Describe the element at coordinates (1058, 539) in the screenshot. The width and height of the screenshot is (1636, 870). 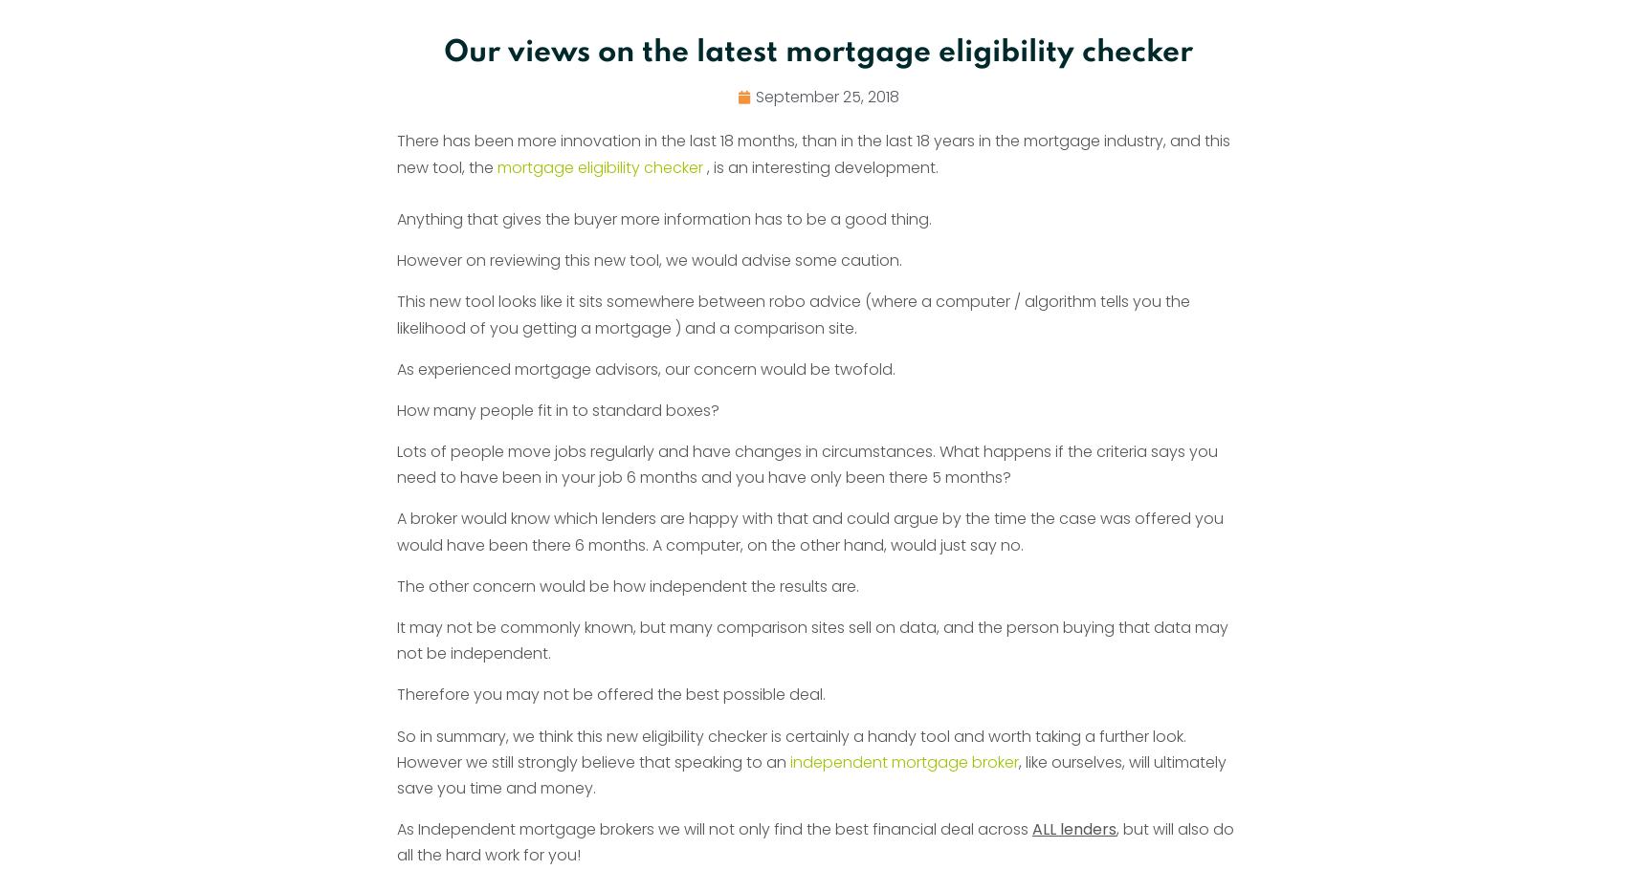
I see `'01223 266140'` at that location.